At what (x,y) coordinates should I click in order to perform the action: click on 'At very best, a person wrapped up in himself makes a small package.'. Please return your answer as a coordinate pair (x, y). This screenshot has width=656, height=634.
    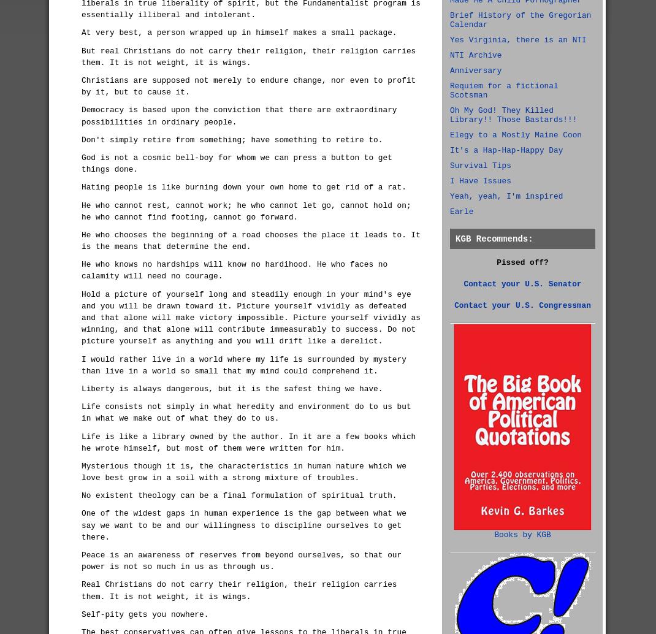
    Looking at the image, I should click on (238, 32).